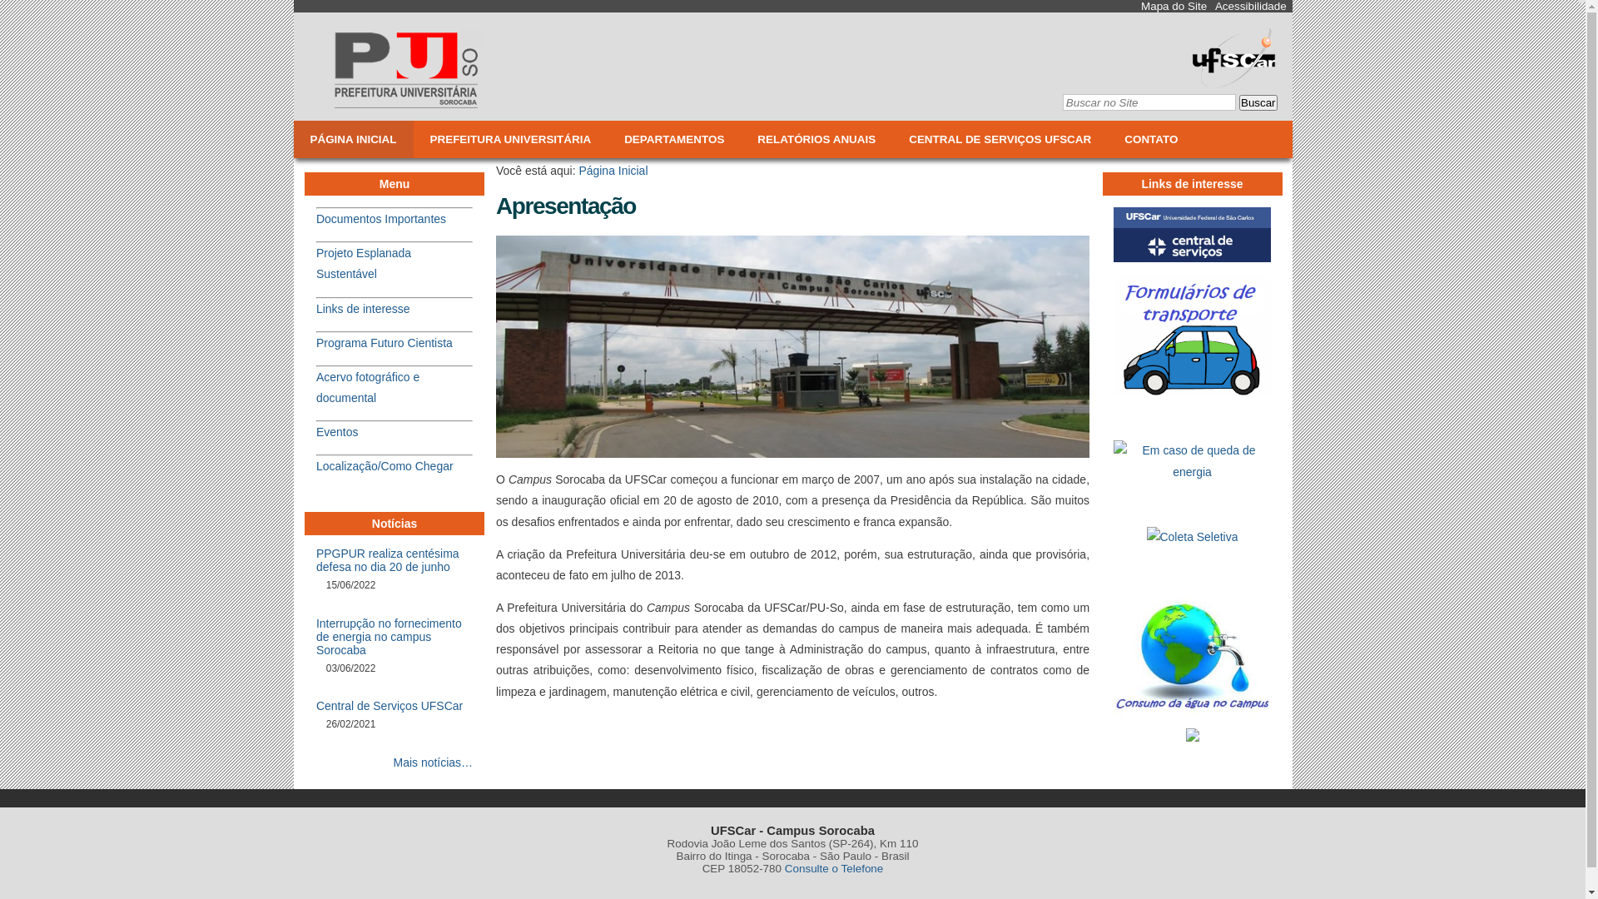  Describe the element at coordinates (1148, 102) in the screenshot. I see `'Buscar no Site'` at that location.